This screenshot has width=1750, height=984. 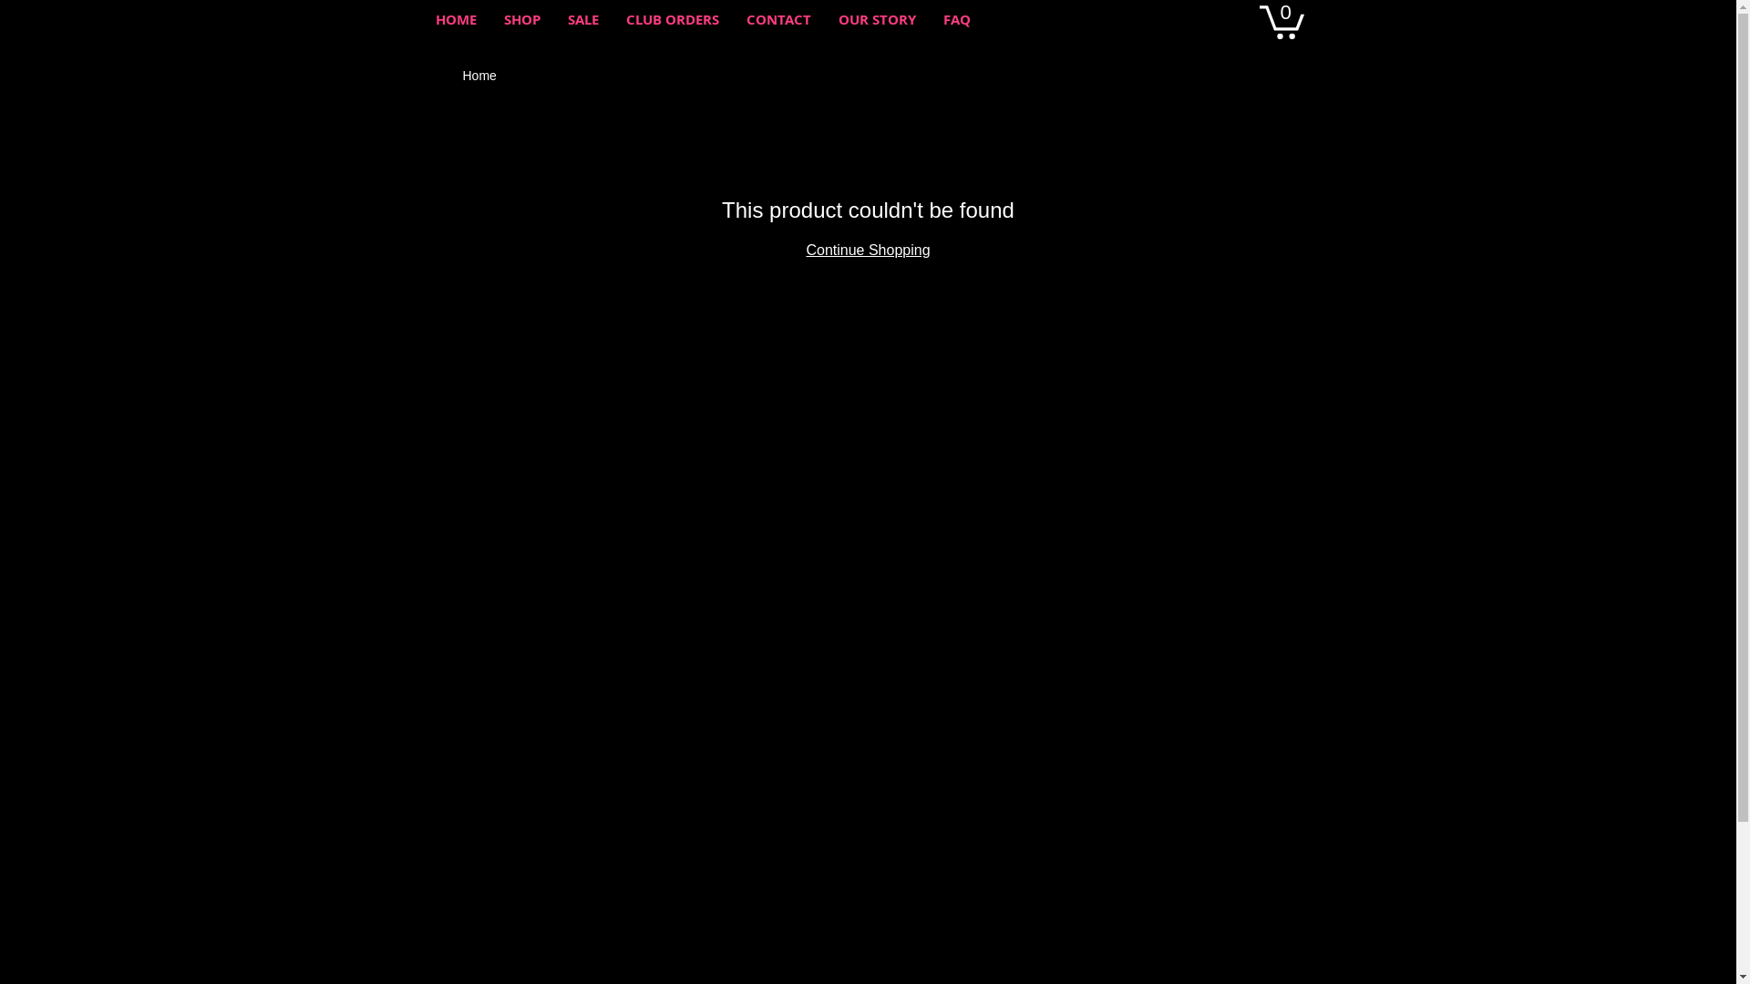 What do you see at coordinates (463, 75) in the screenshot?
I see `'Home'` at bounding box center [463, 75].